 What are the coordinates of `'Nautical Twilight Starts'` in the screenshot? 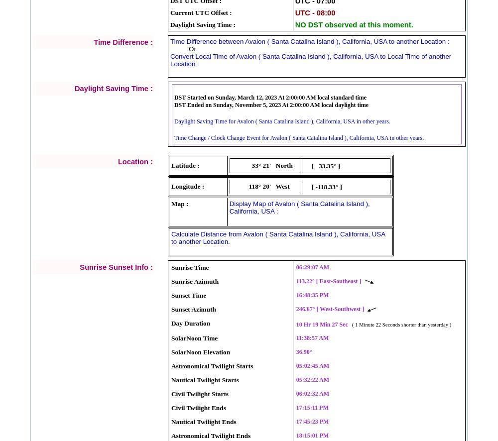 It's located at (205, 379).